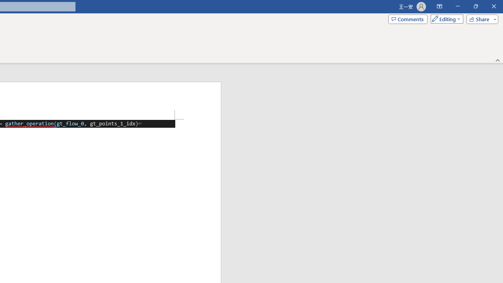  What do you see at coordinates (493, 6) in the screenshot?
I see `'Close'` at bounding box center [493, 6].